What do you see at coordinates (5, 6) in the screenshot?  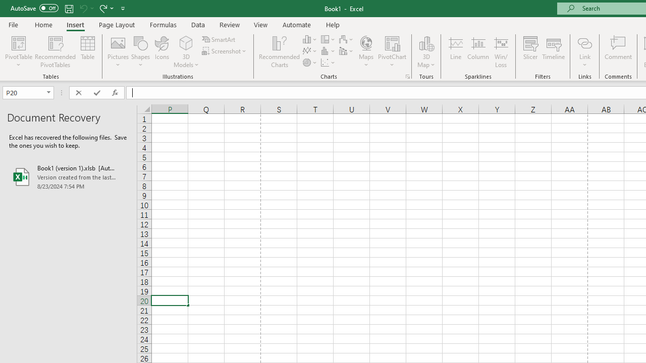 I see `'System'` at bounding box center [5, 6].